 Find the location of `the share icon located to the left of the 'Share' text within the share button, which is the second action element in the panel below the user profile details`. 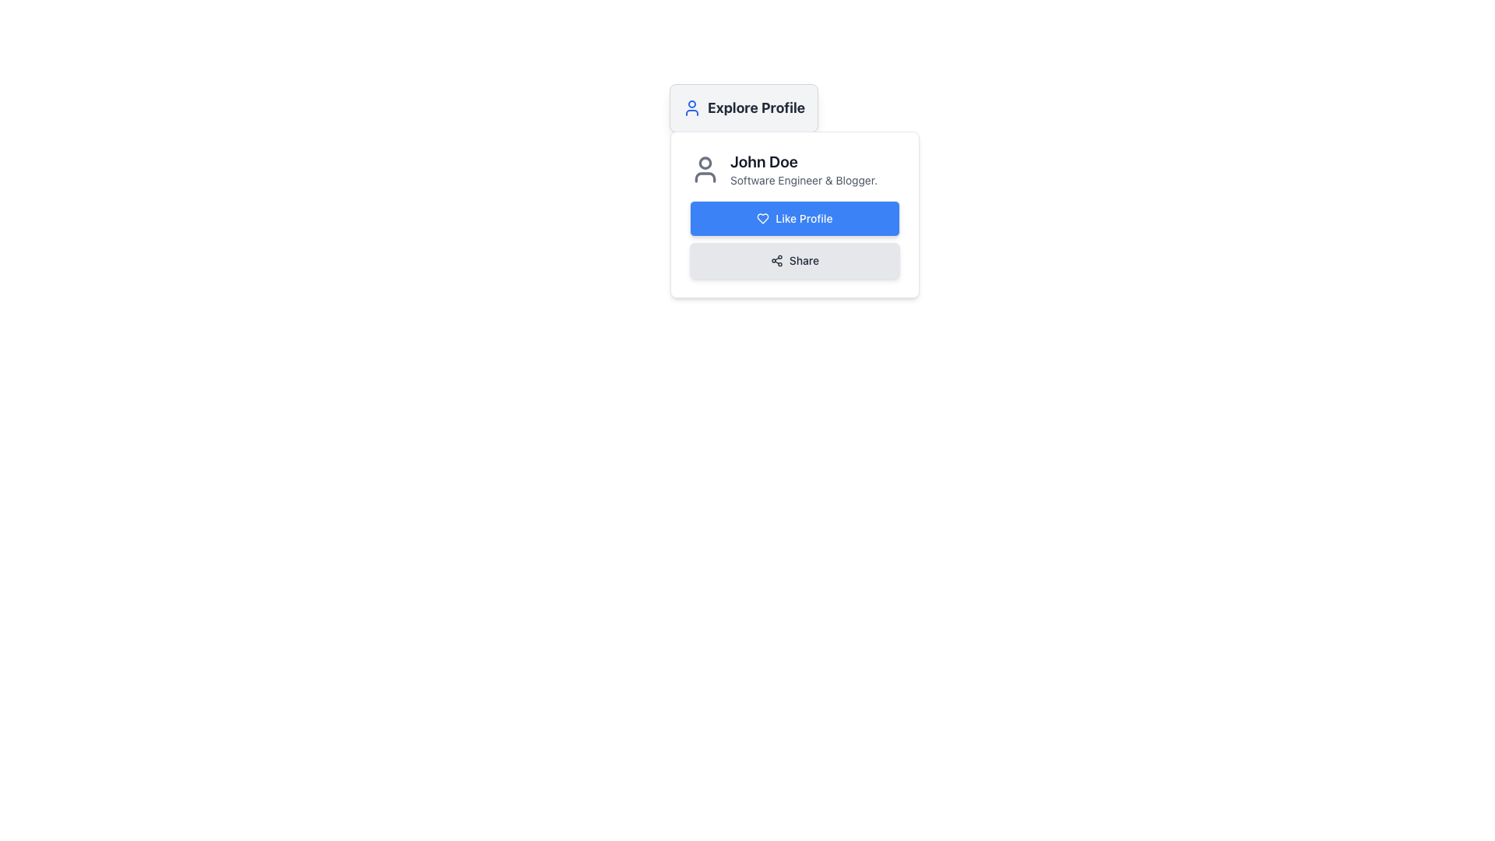

the share icon located to the left of the 'Share' text within the share button, which is the second action element in the panel below the user profile details is located at coordinates (776, 260).